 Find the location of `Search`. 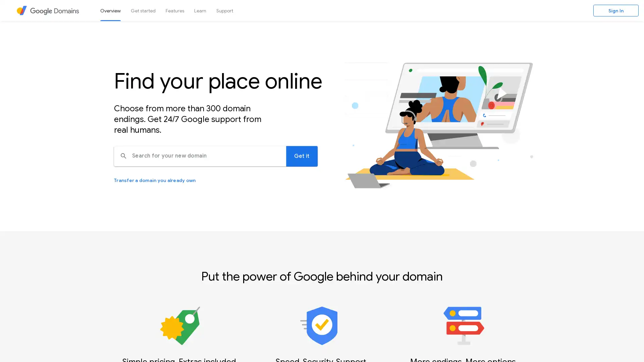

Search is located at coordinates (301, 156).